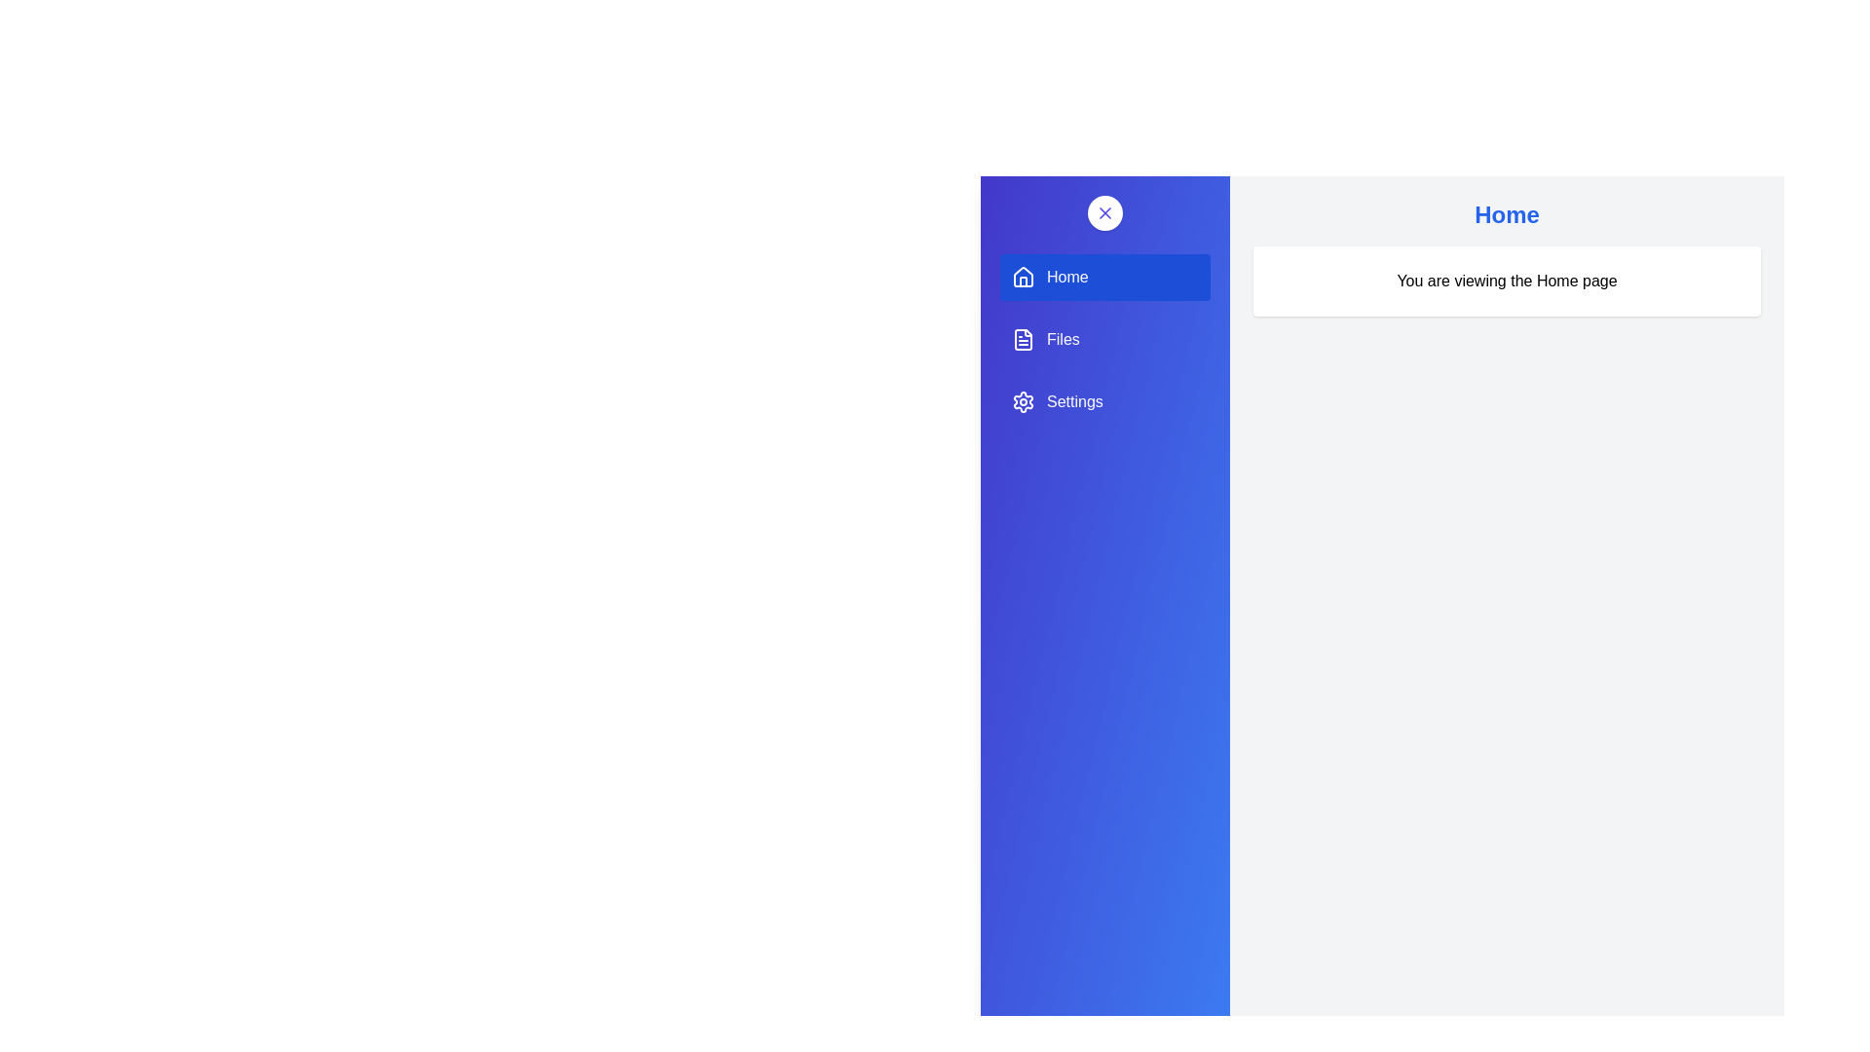 The image size is (1870, 1052). What do you see at coordinates (1104, 278) in the screenshot?
I see `the menu item Home from the navigation drawer` at bounding box center [1104, 278].